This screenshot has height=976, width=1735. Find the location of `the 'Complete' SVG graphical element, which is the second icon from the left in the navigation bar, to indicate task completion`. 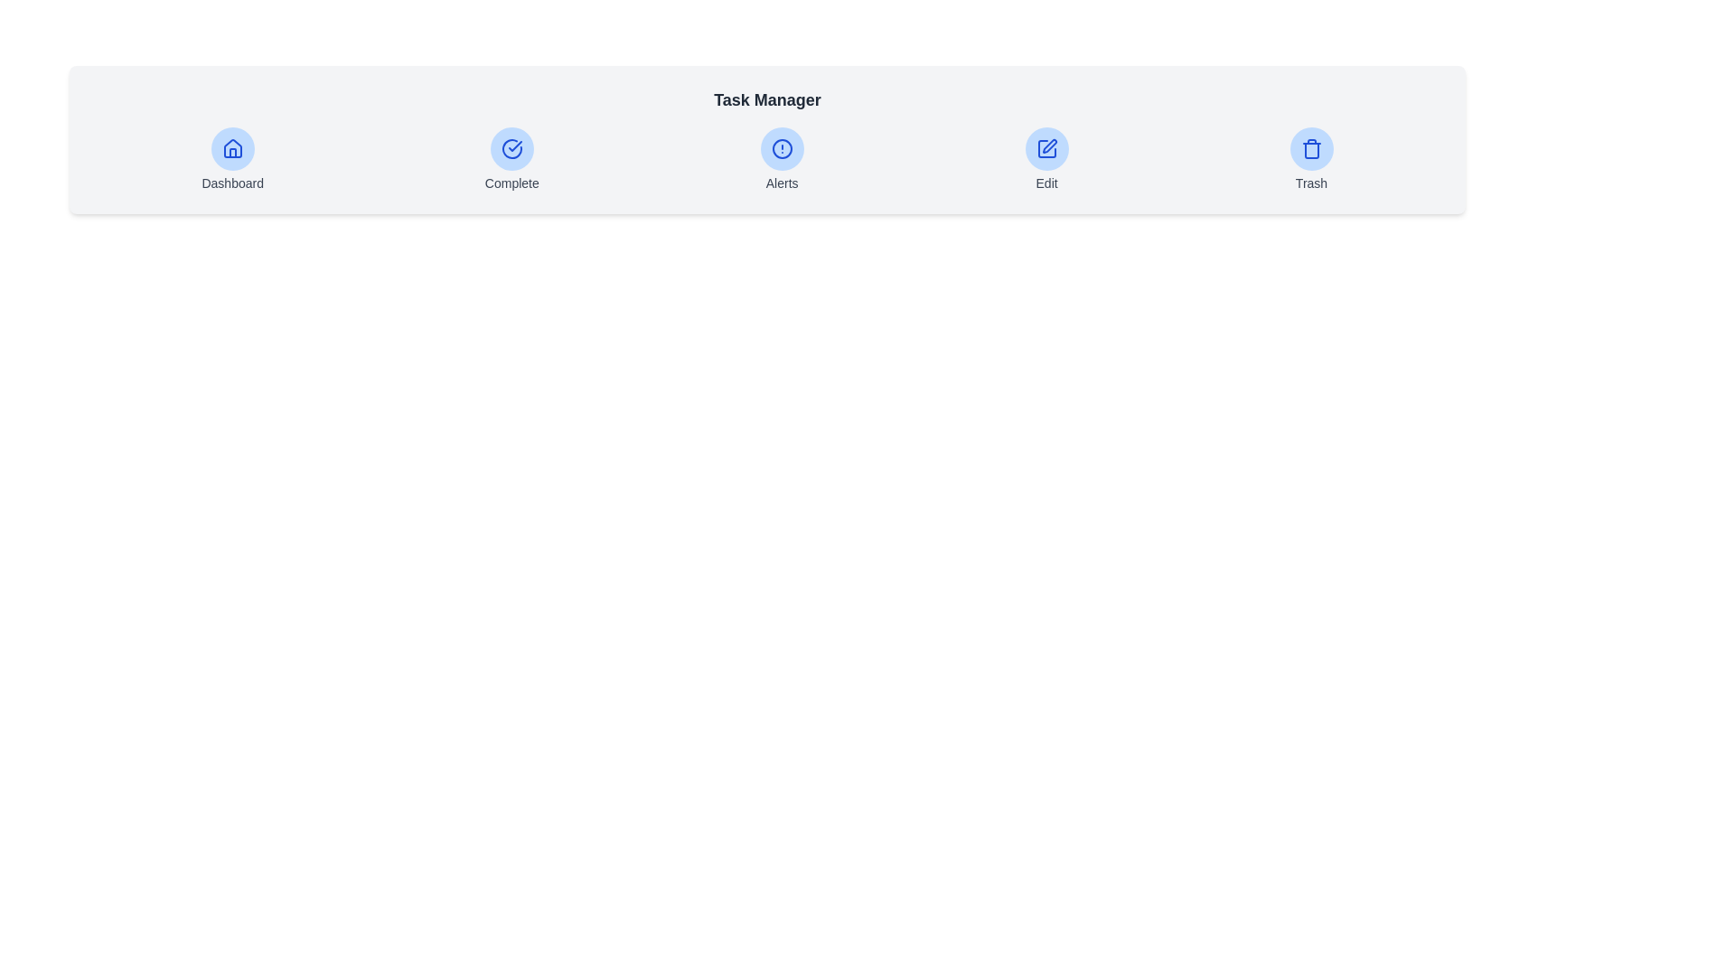

the 'Complete' SVG graphical element, which is the second icon from the left in the navigation bar, to indicate task completion is located at coordinates (514, 145).